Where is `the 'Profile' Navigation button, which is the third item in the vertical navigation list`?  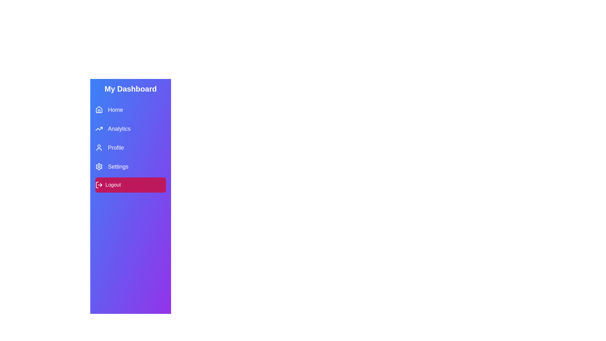
the 'Profile' Navigation button, which is the third item in the vertical navigation list is located at coordinates (130, 147).